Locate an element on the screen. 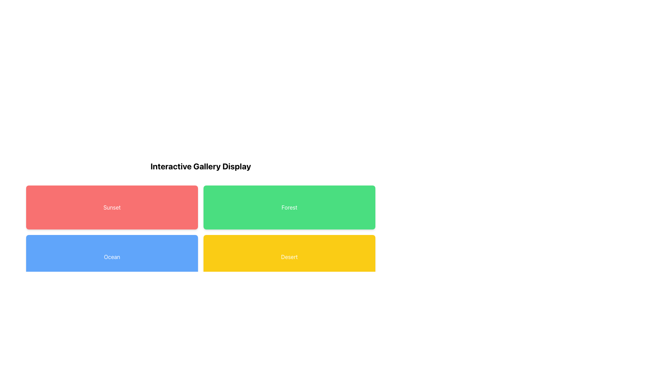 Image resolution: width=660 pixels, height=371 pixels. the 'Sunset' interactive card located at the top-left corner of the 2x2 grid is located at coordinates (112, 207).